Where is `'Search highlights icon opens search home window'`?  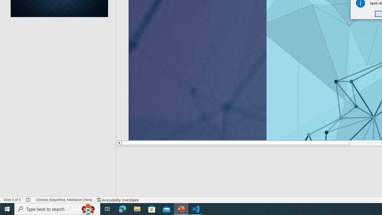
'Search highlights icon opens search home window' is located at coordinates (88, 208).